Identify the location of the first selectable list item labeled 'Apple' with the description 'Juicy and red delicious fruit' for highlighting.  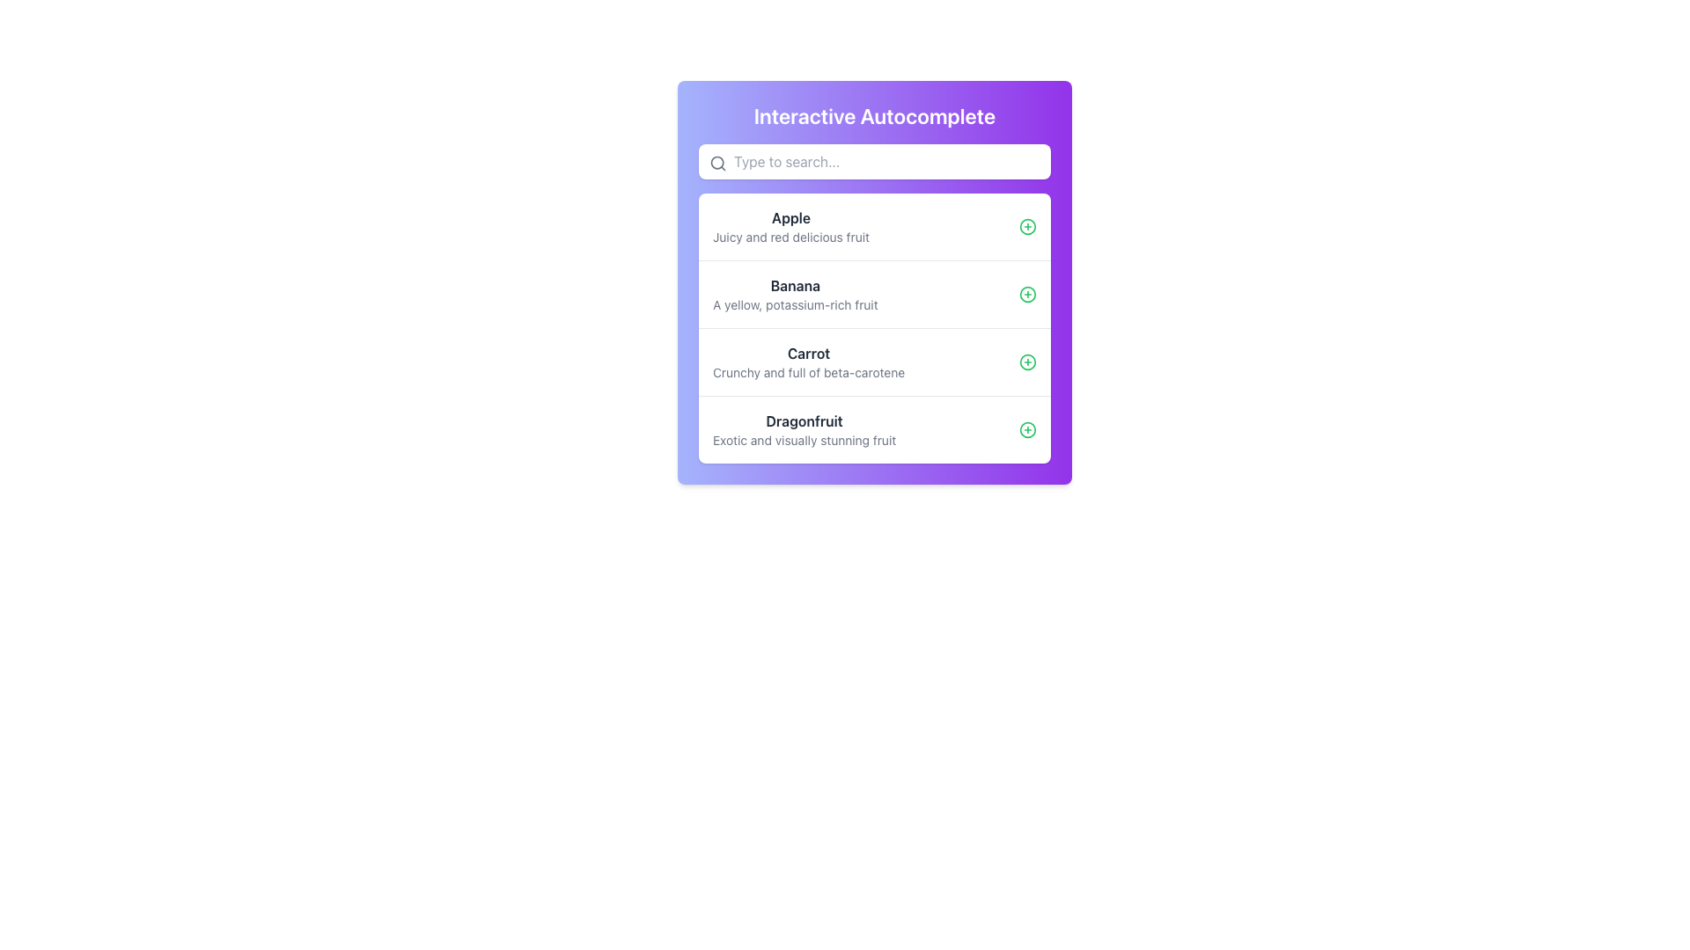
(874, 226).